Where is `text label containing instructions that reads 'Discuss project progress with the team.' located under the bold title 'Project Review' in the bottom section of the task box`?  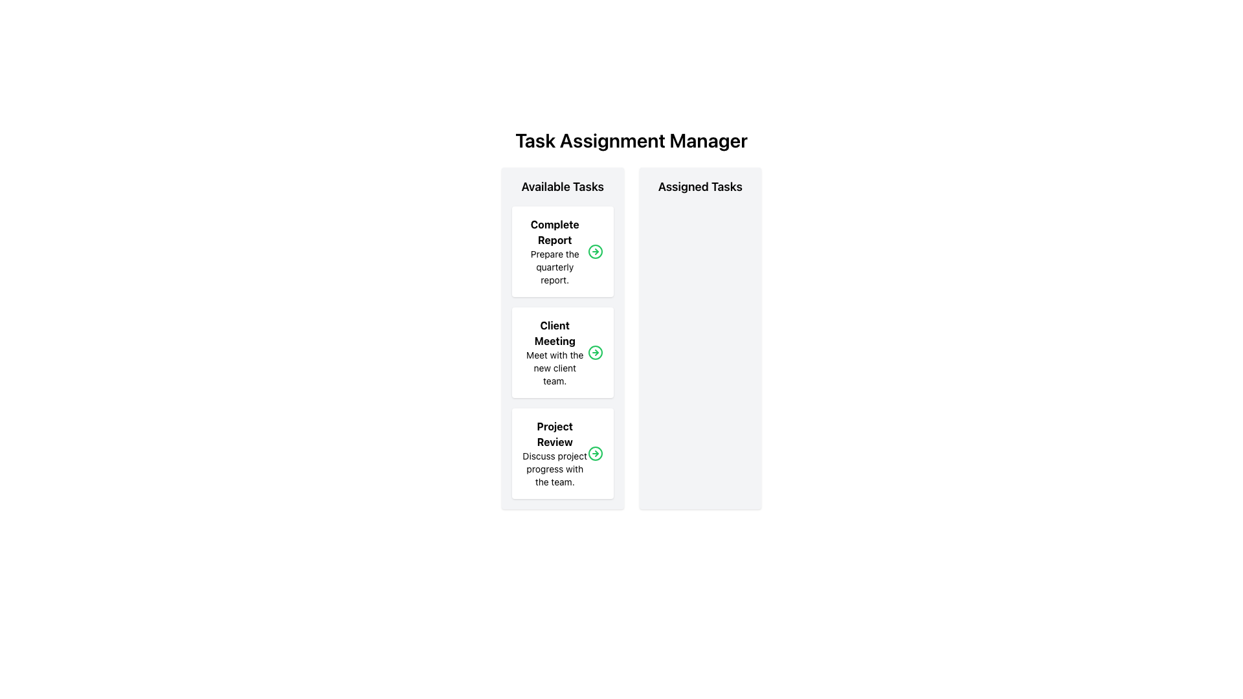 text label containing instructions that reads 'Discuss project progress with the team.' located under the bold title 'Project Review' in the bottom section of the task box is located at coordinates (555, 469).